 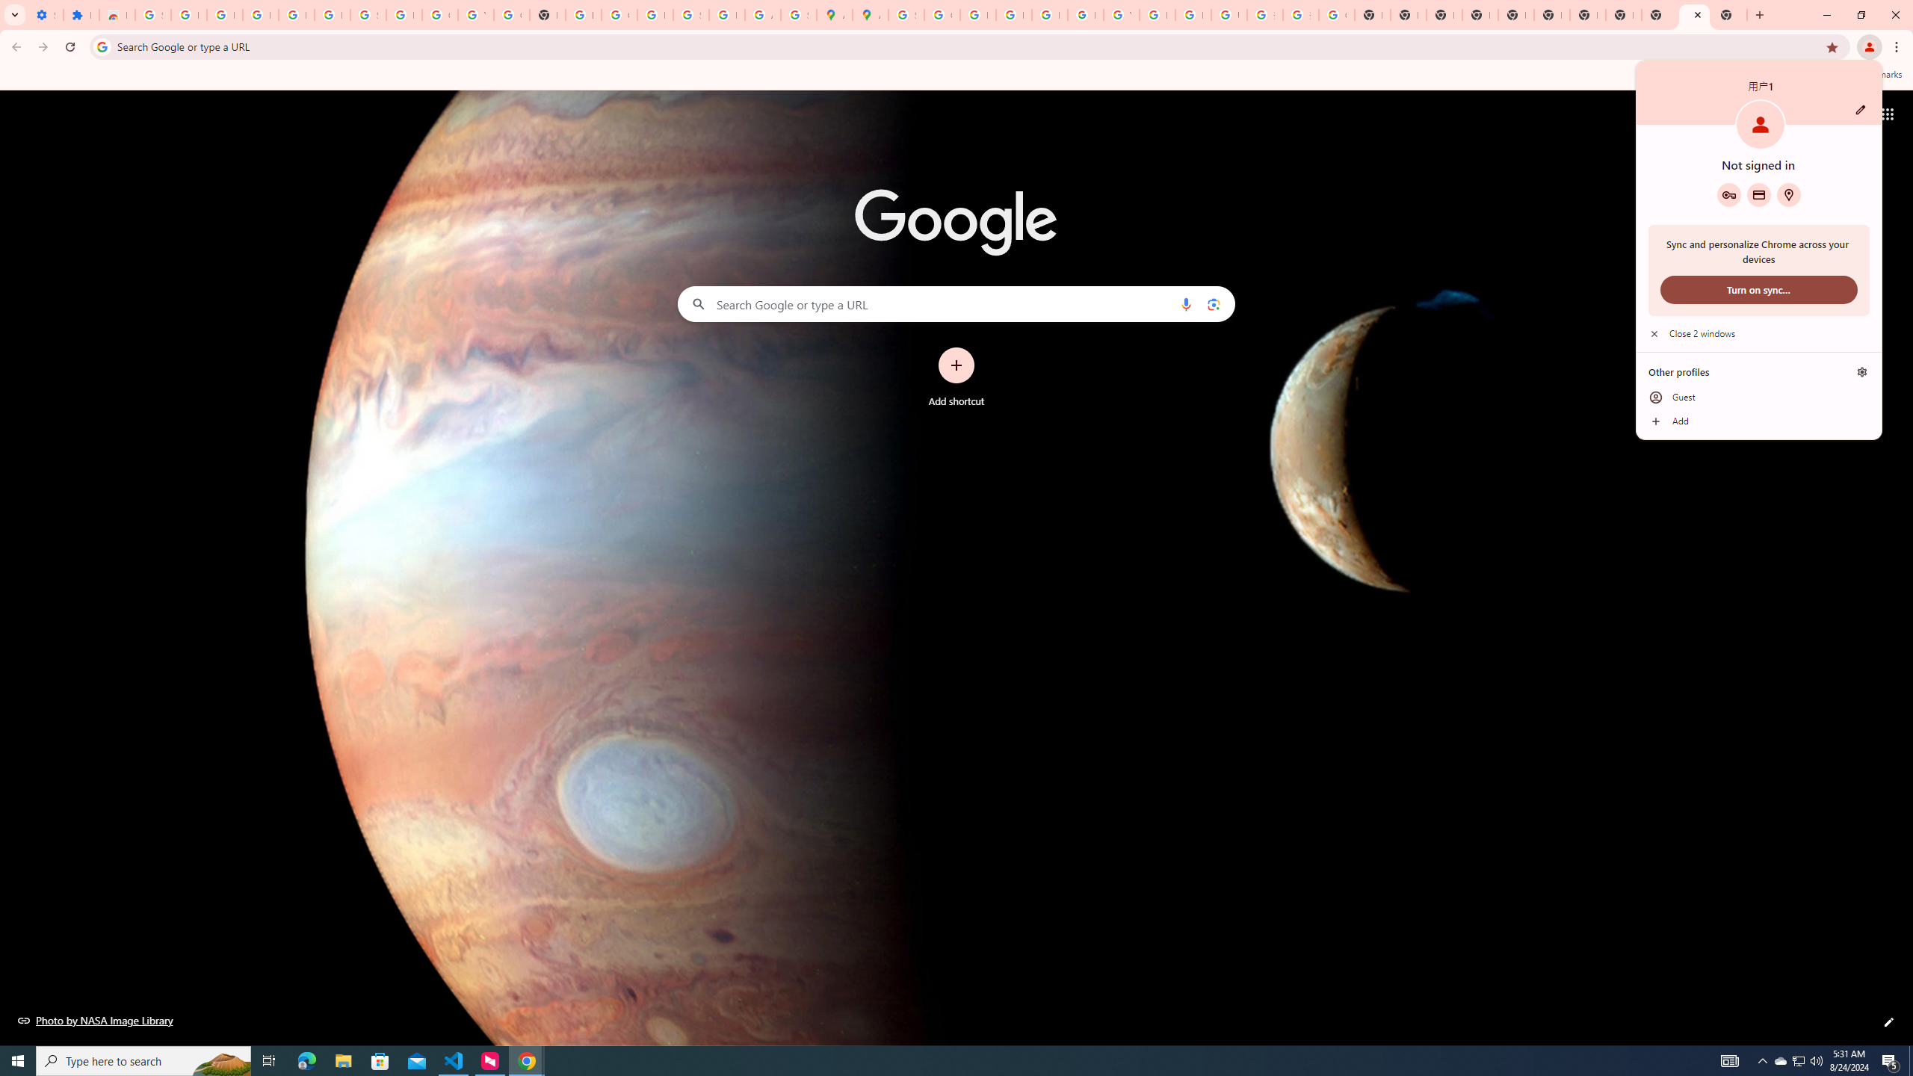 I want to click on 'Close', so click(x=1697, y=14).